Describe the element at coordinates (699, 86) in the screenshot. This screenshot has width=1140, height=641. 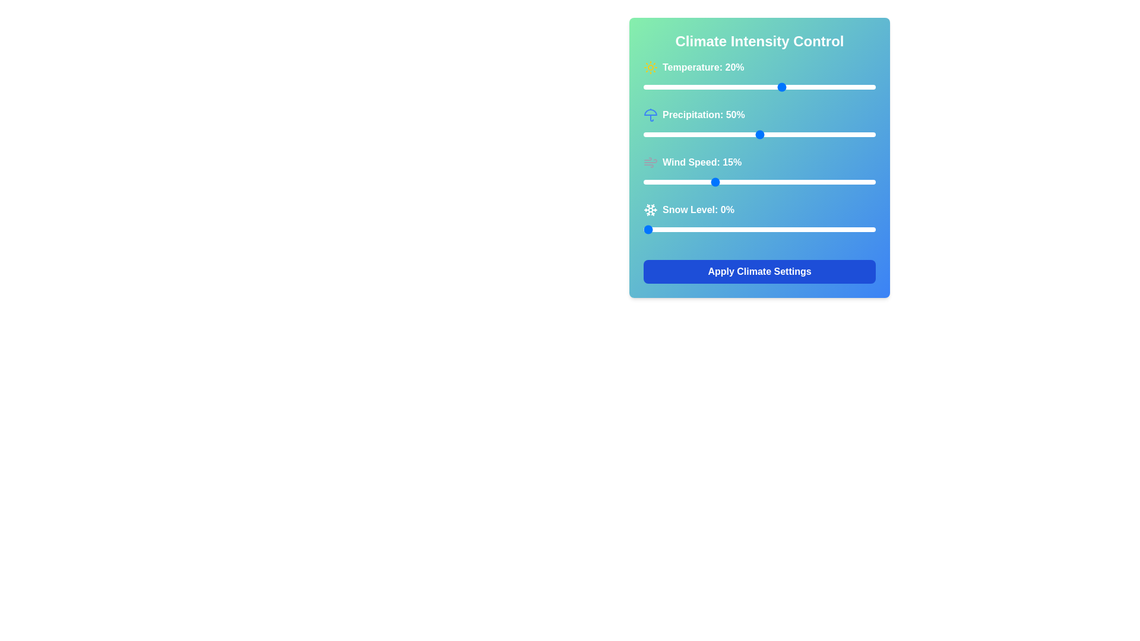
I see `the temperature slider` at that location.